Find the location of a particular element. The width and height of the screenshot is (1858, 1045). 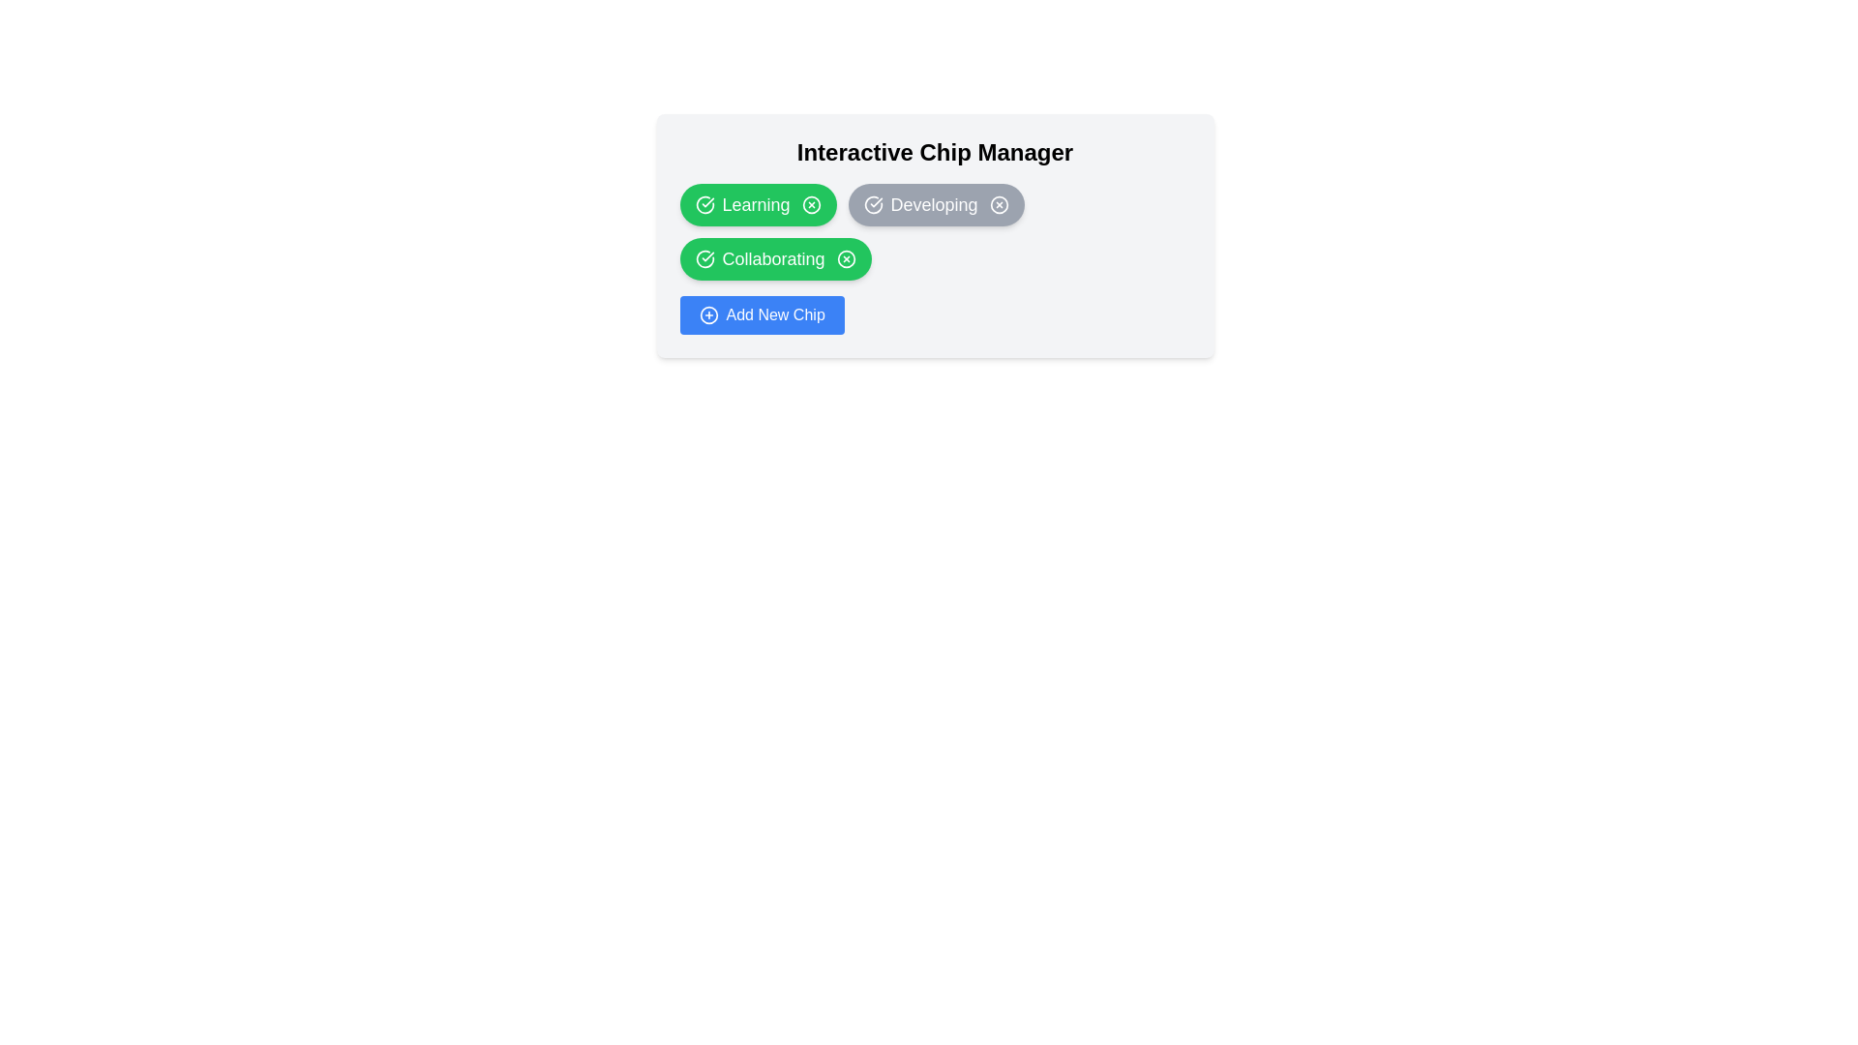

the status icon within the green 'Learning' button, indicating the item's active or completed status is located at coordinates (704, 205).